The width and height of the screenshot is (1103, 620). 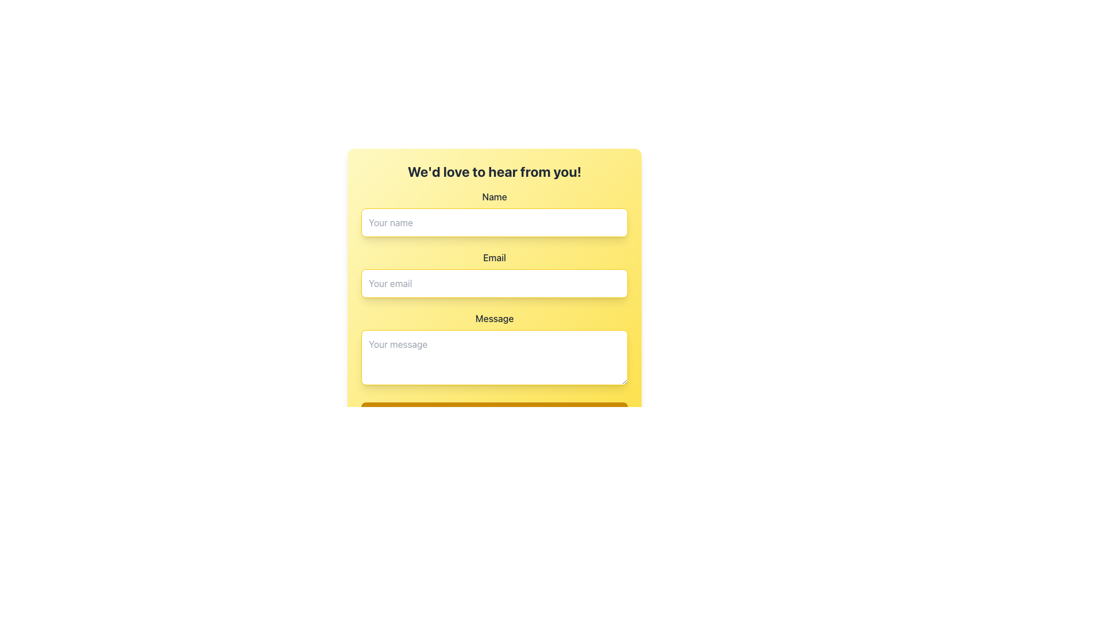 What do you see at coordinates (494, 319) in the screenshot?
I see `the 'Message' label that provides context for the input area below it, located between the 'Email' field and the 'Your message' textarea` at bounding box center [494, 319].